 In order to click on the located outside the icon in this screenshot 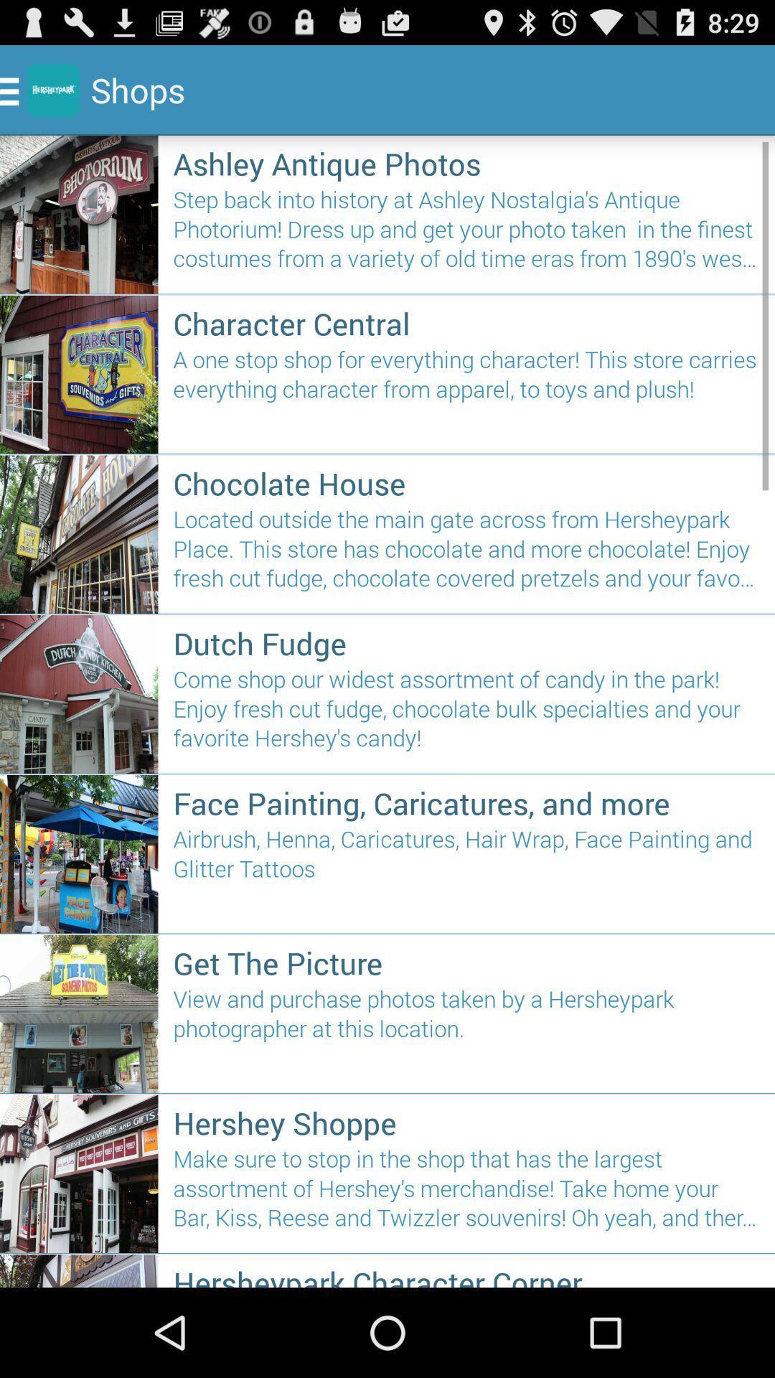, I will do `click(466, 554)`.